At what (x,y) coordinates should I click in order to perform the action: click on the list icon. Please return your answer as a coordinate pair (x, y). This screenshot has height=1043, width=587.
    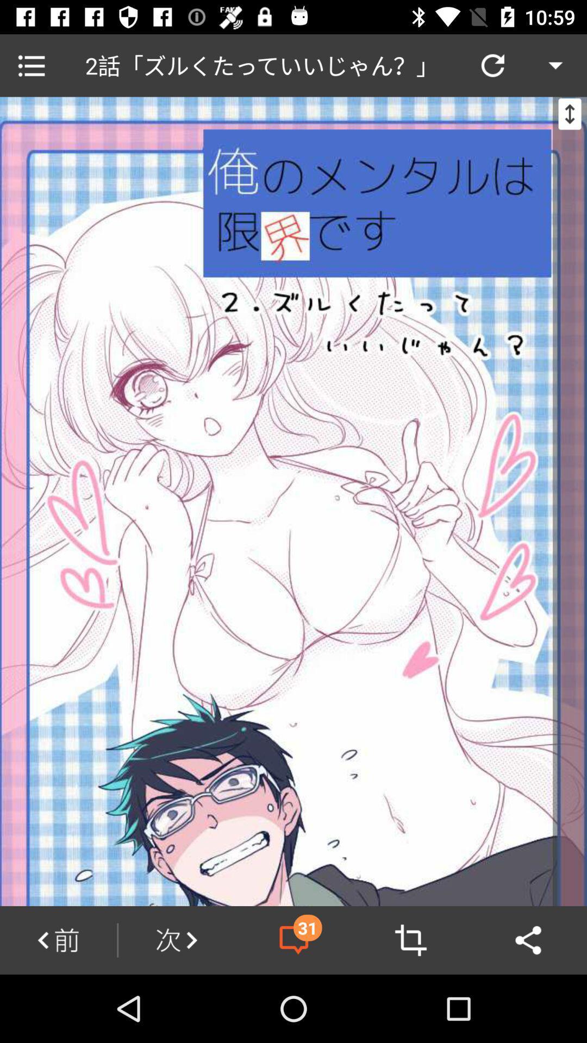
    Looking at the image, I should click on (30, 65).